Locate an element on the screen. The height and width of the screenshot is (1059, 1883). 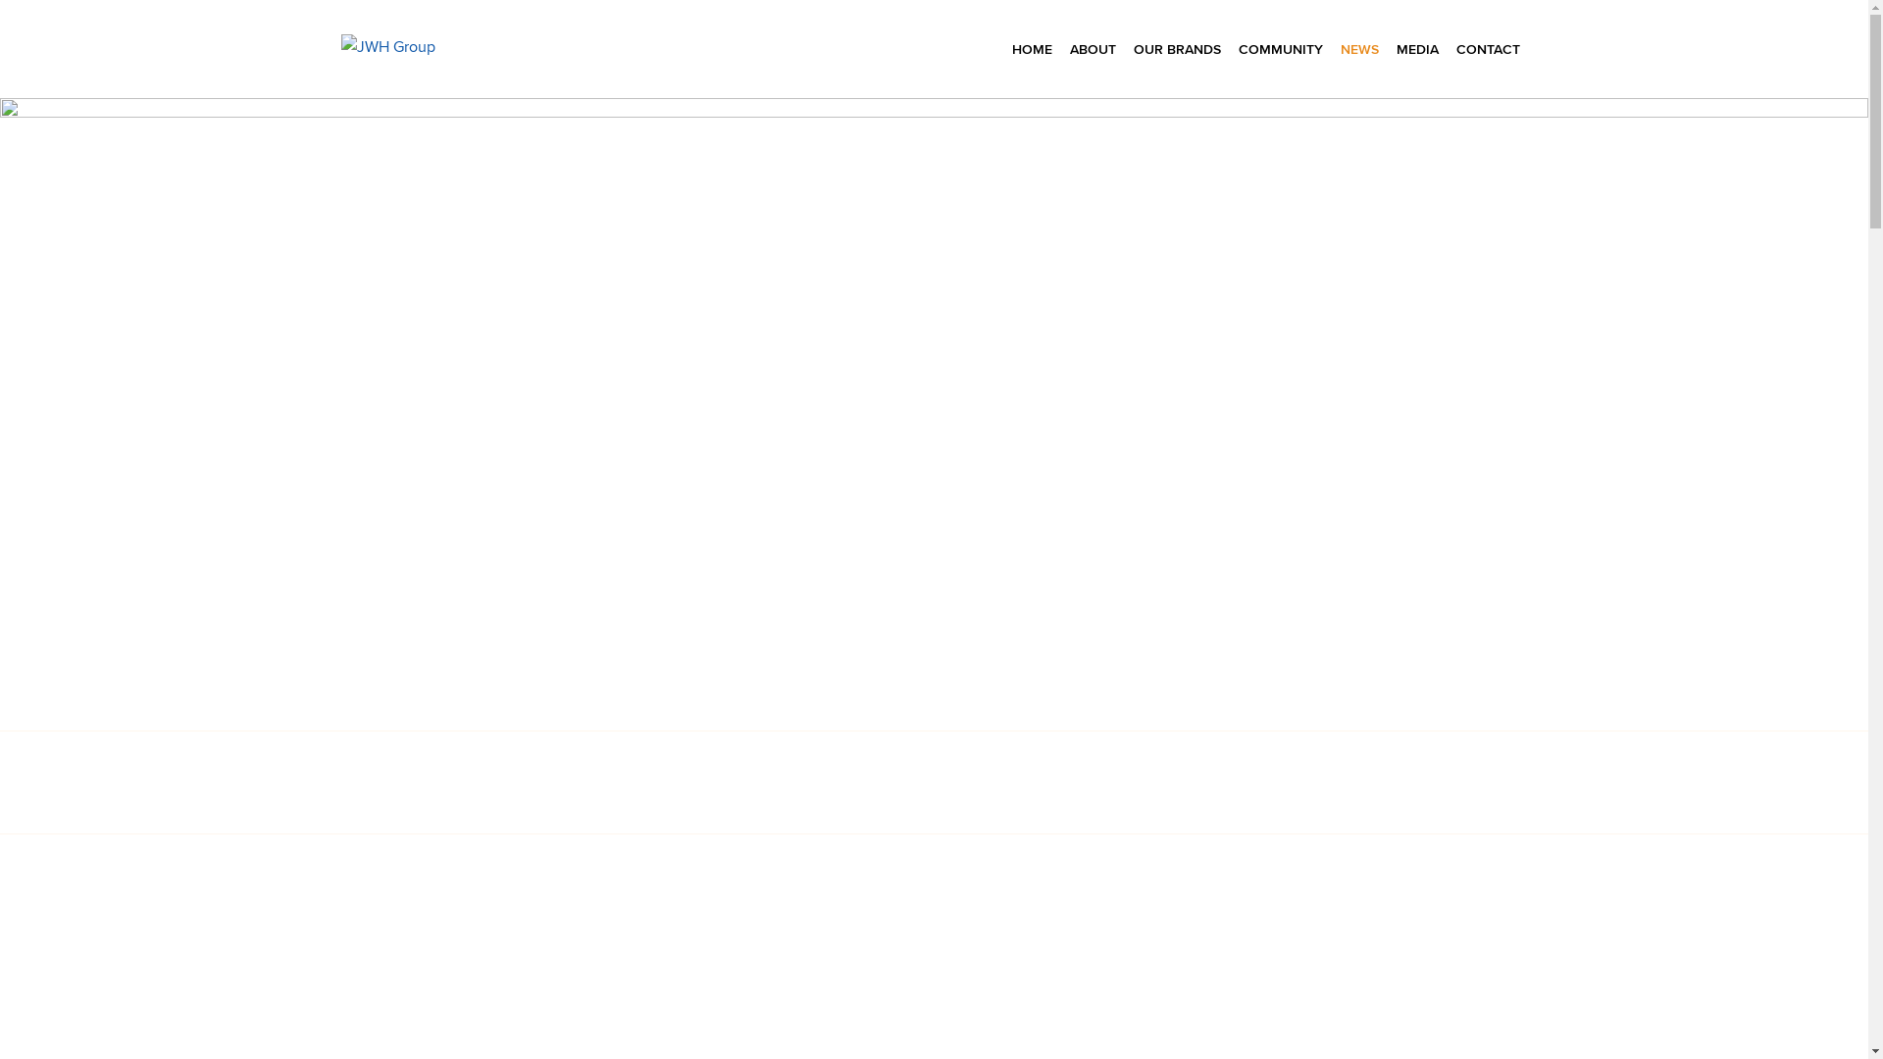
'HOME' is located at coordinates (1031, 48).